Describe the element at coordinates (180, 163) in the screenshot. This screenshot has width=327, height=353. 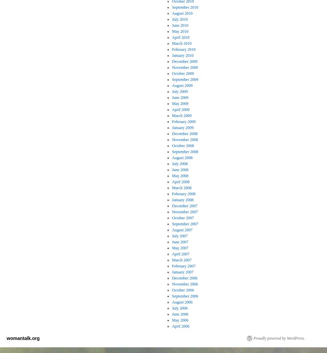
I see `'July 2008'` at that location.